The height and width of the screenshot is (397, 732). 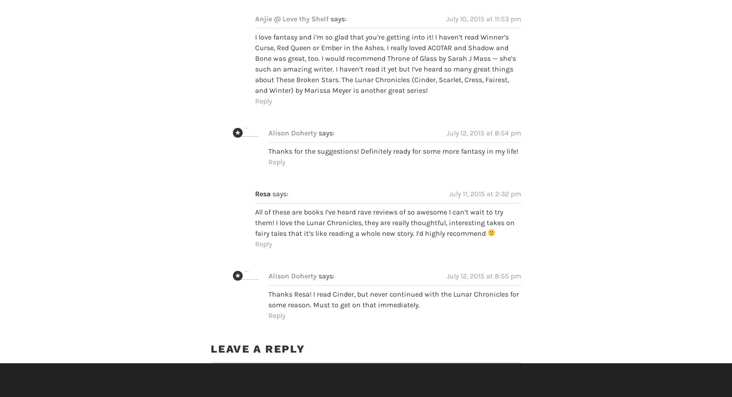 What do you see at coordinates (257, 332) in the screenshot?
I see `'Leave a Reply'` at bounding box center [257, 332].